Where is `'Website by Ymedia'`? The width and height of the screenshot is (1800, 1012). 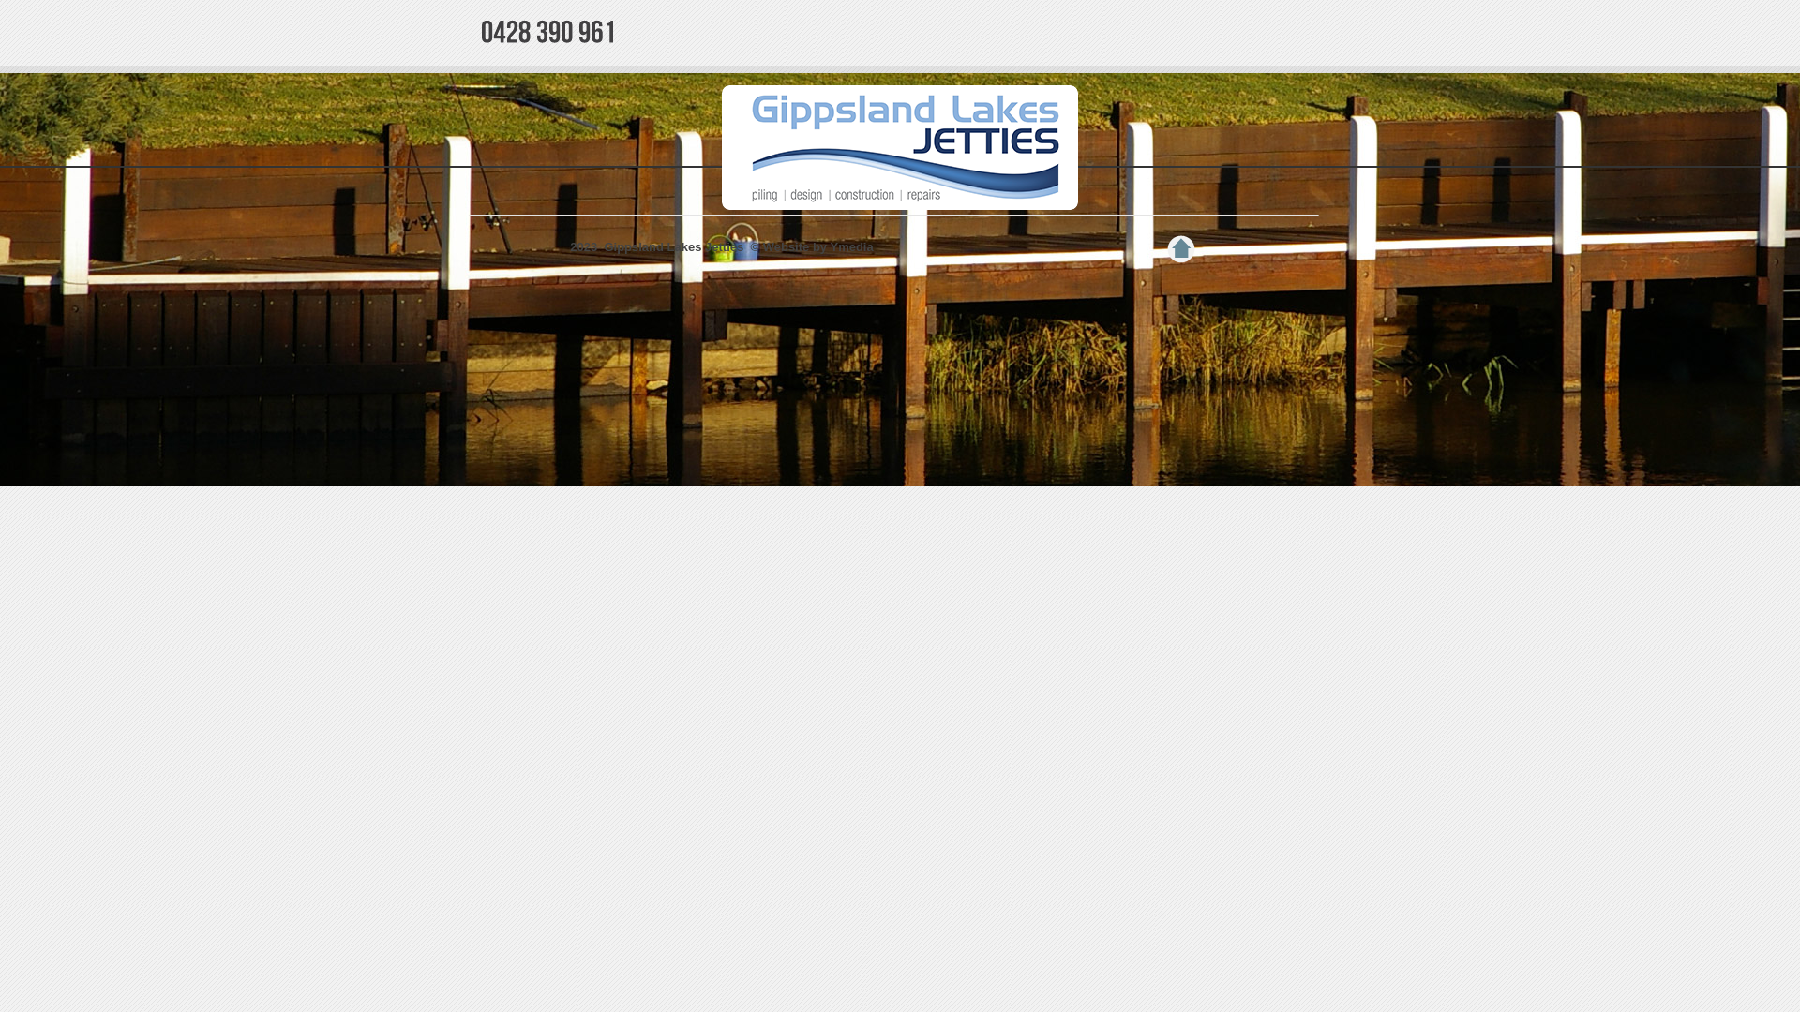
'Website by Ymedia' is located at coordinates (818, 246).